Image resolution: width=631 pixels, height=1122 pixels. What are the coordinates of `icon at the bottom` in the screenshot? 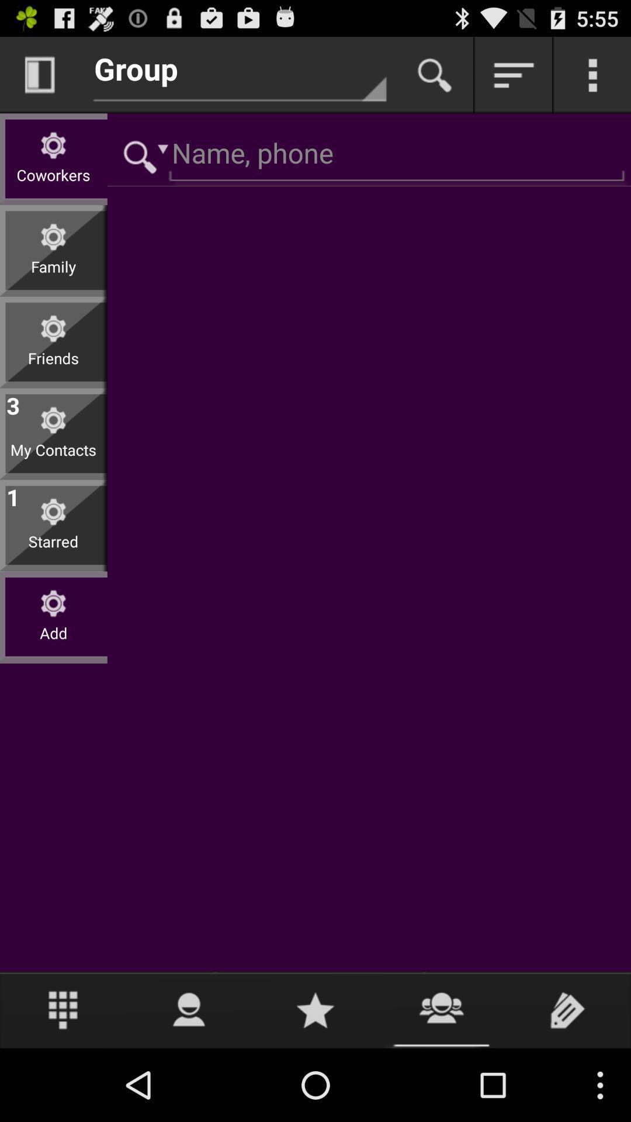 It's located at (315, 1009).